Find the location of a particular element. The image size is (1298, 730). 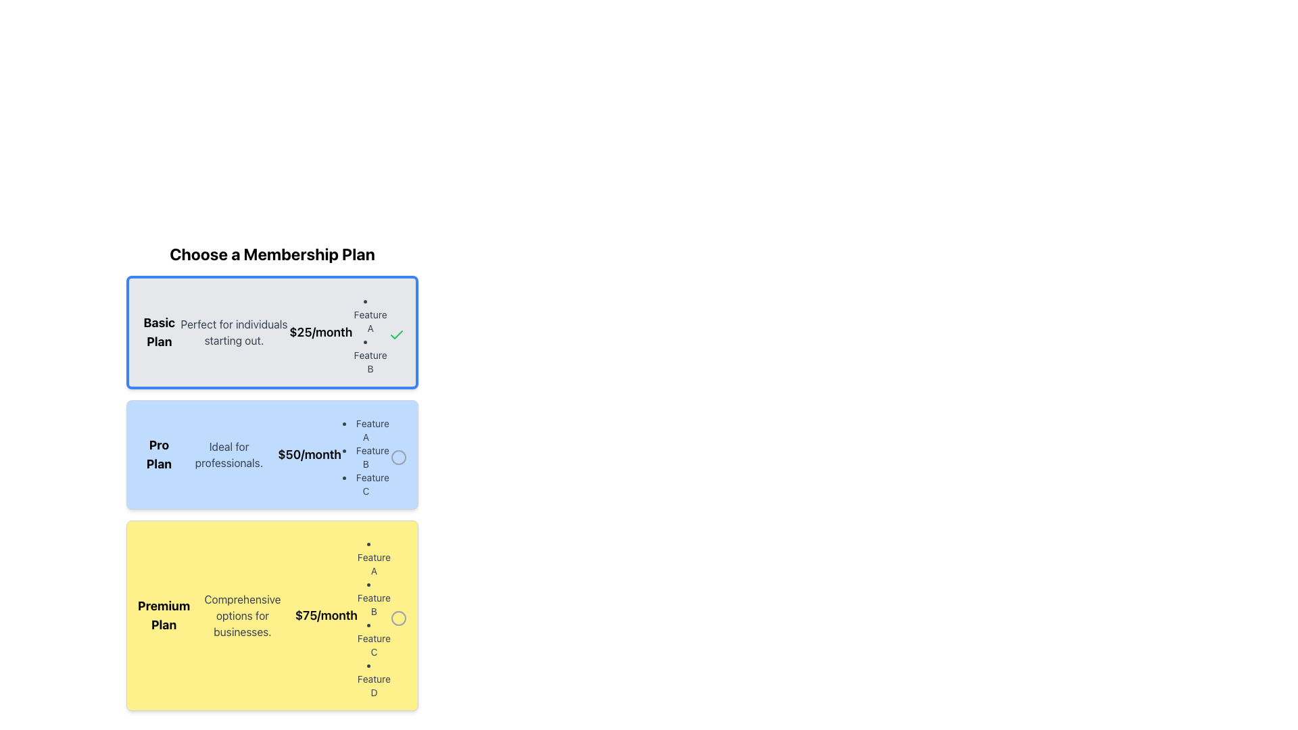

the selectable card representing the 'Pro Plan' option in the membership plans list is located at coordinates (272, 454).